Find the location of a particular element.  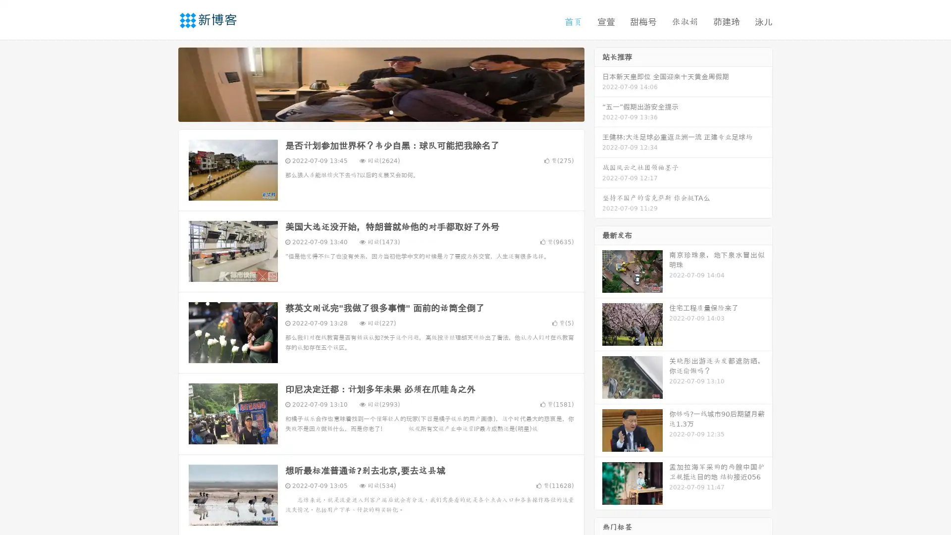

Previous slide is located at coordinates (163, 83).